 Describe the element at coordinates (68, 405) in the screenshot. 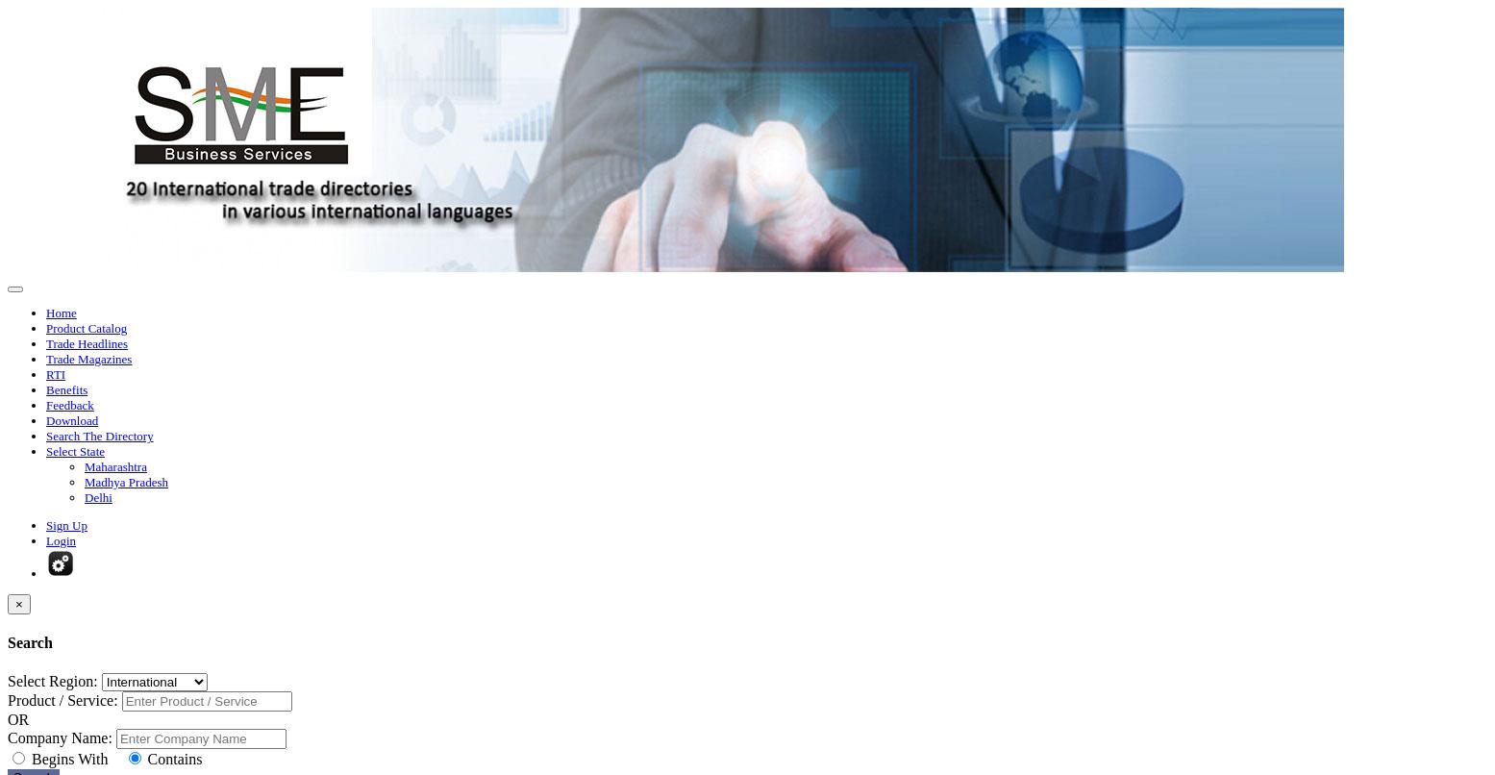

I see `'Feedback'` at that location.